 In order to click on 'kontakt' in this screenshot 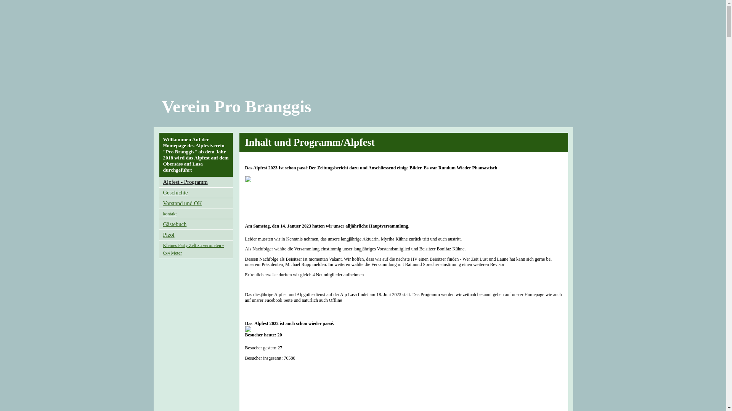, I will do `click(170, 214)`.